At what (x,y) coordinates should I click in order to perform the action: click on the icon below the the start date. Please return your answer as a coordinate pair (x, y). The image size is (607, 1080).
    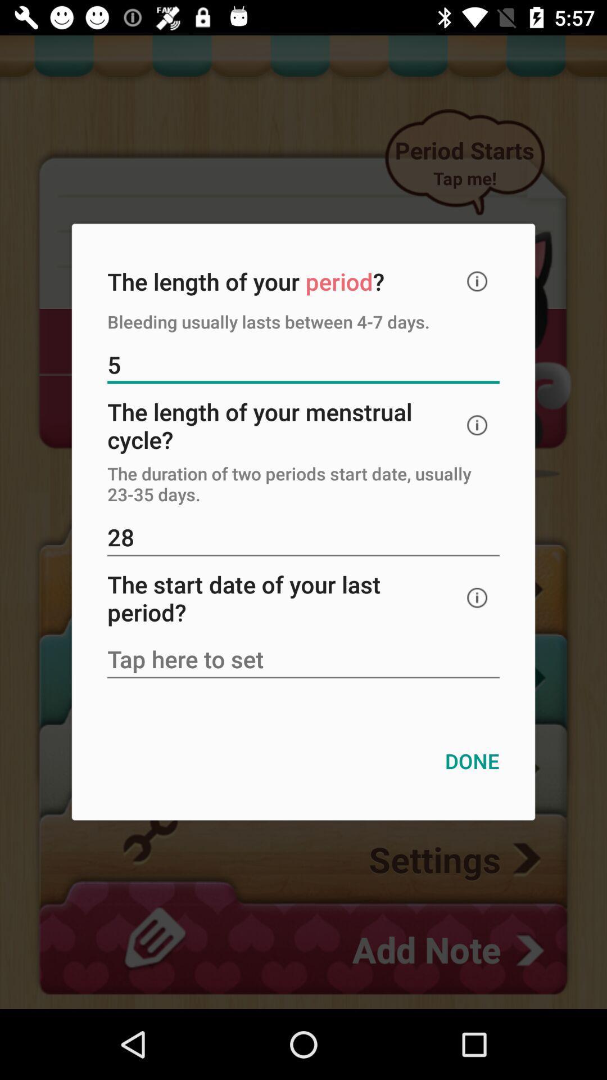
    Looking at the image, I should click on (303, 660).